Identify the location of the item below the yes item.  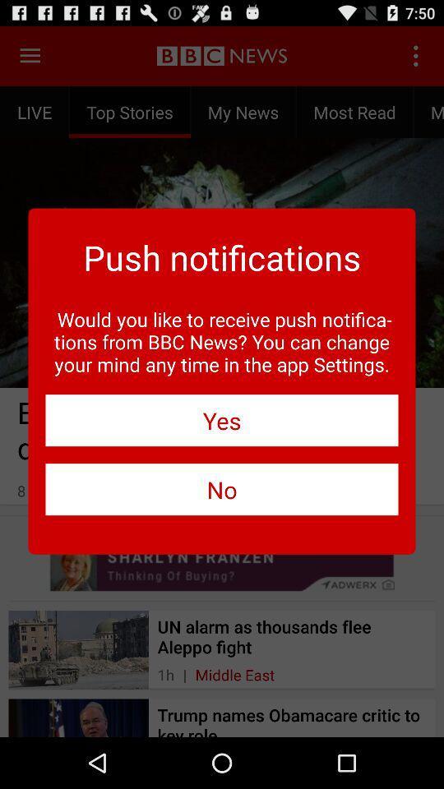
(222, 489).